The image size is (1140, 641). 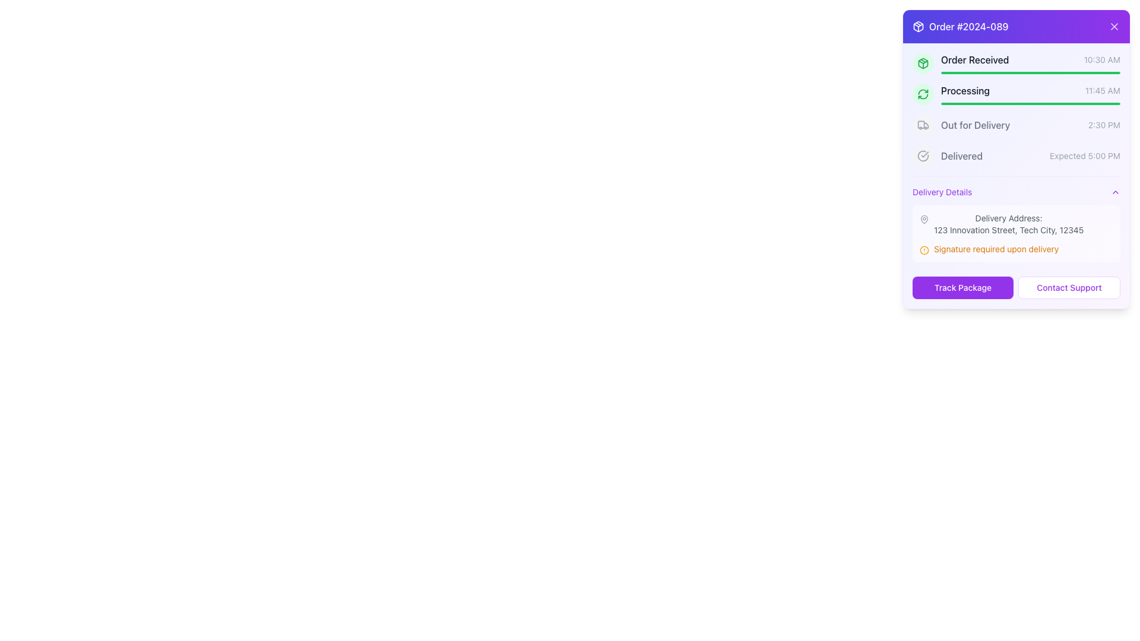 I want to click on the static text label displaying the recipient's delivery address information, which is the second line of text in the 'Delivery Details' section on the right-hand panel, so click(x=1008, y=230).